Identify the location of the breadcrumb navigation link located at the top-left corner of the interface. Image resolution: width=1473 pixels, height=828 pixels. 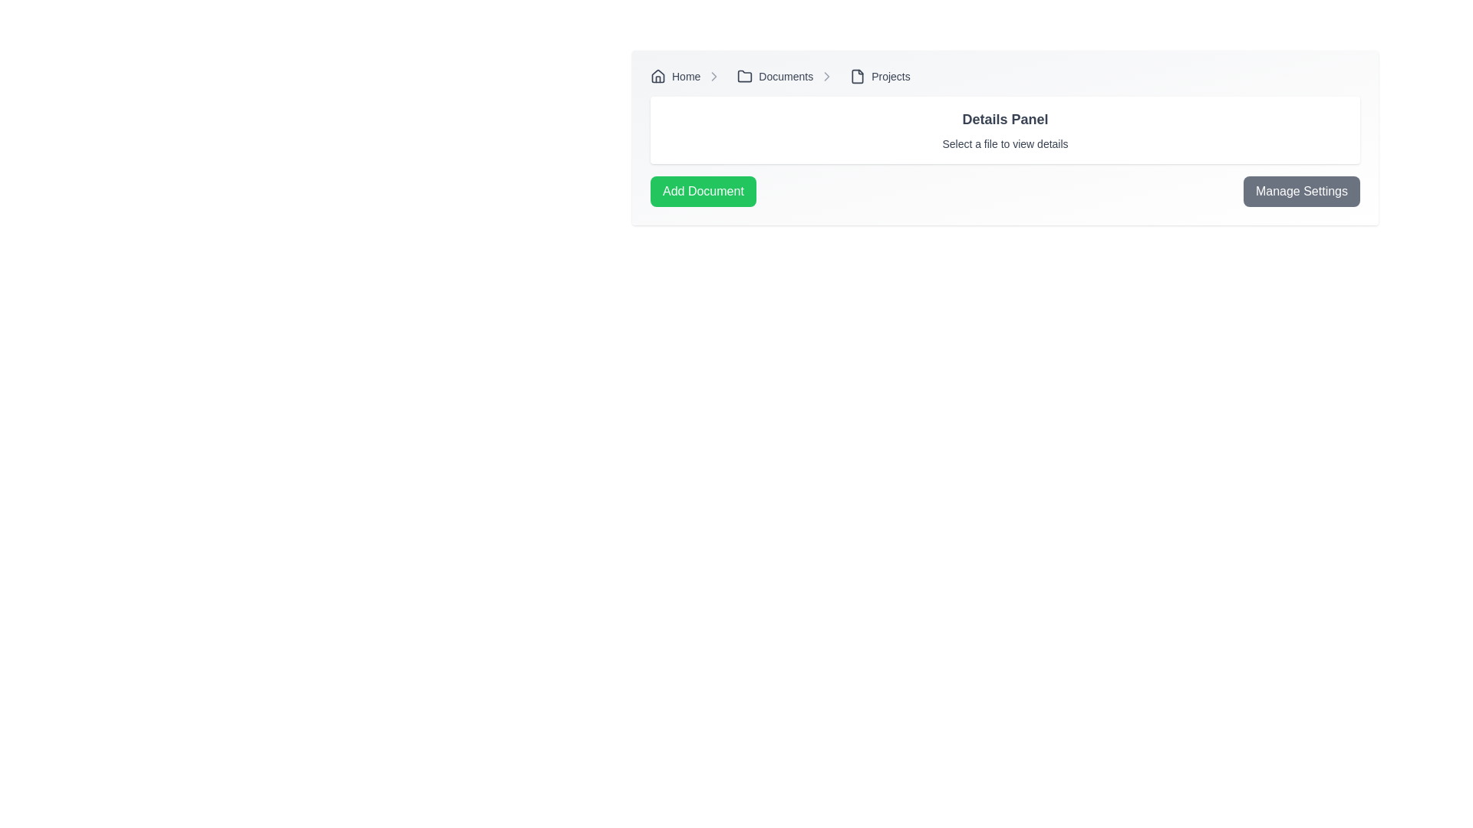
(675, 77).